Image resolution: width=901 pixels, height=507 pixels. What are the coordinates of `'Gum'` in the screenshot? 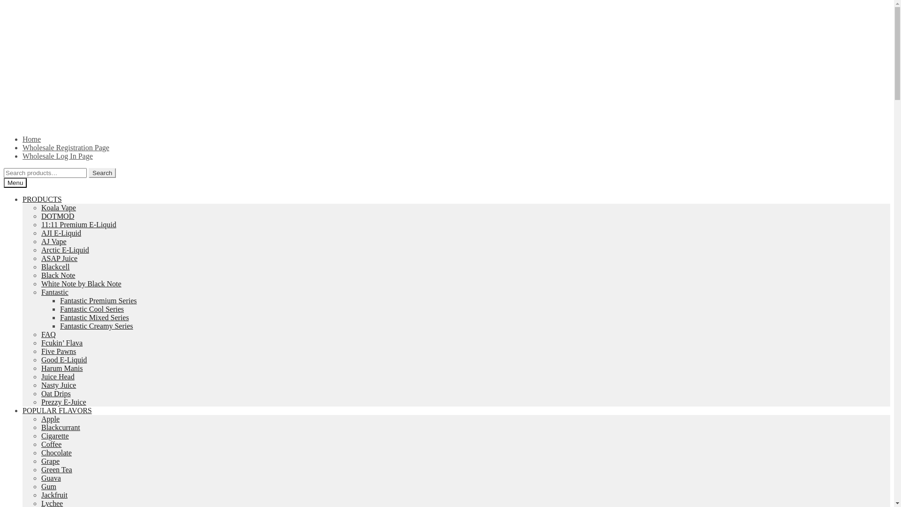 It's located at (48, 486).